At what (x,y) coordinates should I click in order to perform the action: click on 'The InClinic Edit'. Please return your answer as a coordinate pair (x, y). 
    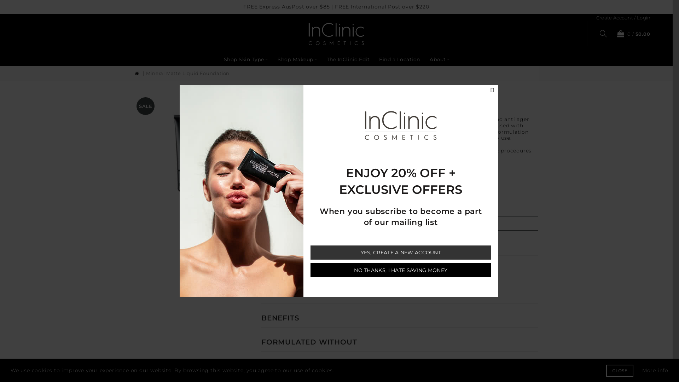
    Looking at the image, I should click on (348, 59).